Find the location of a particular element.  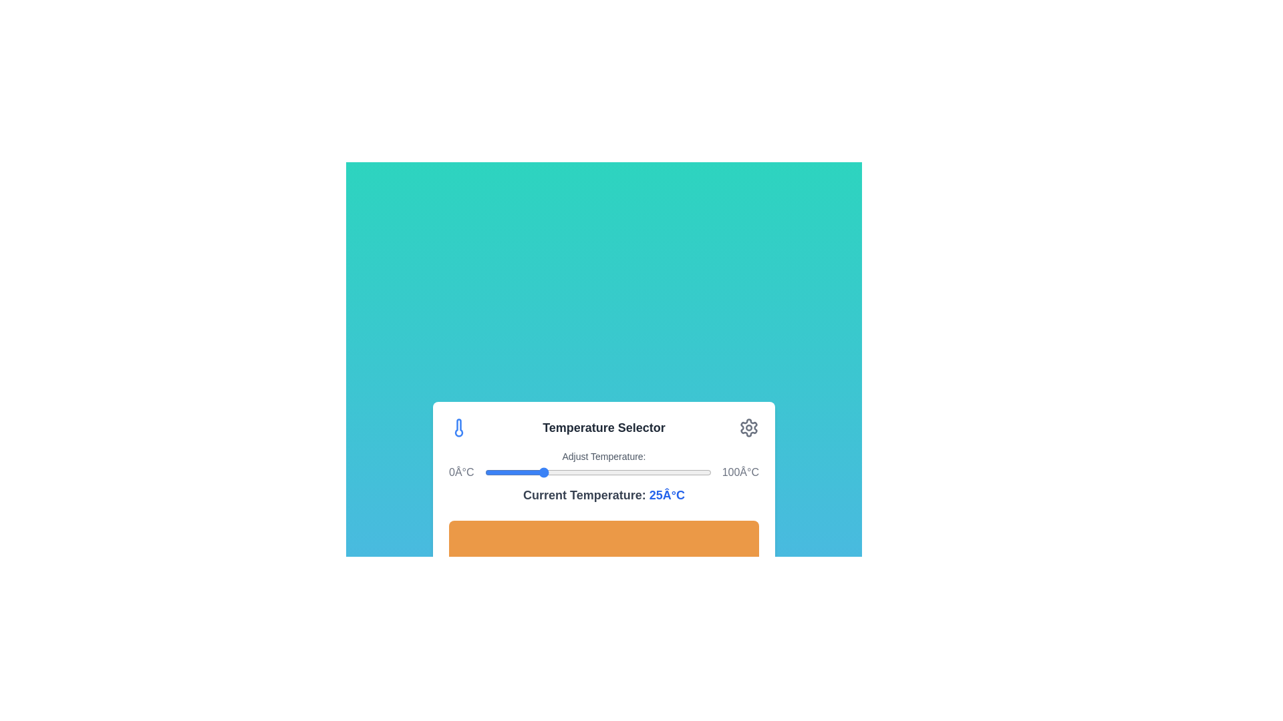

the temperature to 94°C by moving the slider is located at coordinates (696, 472).